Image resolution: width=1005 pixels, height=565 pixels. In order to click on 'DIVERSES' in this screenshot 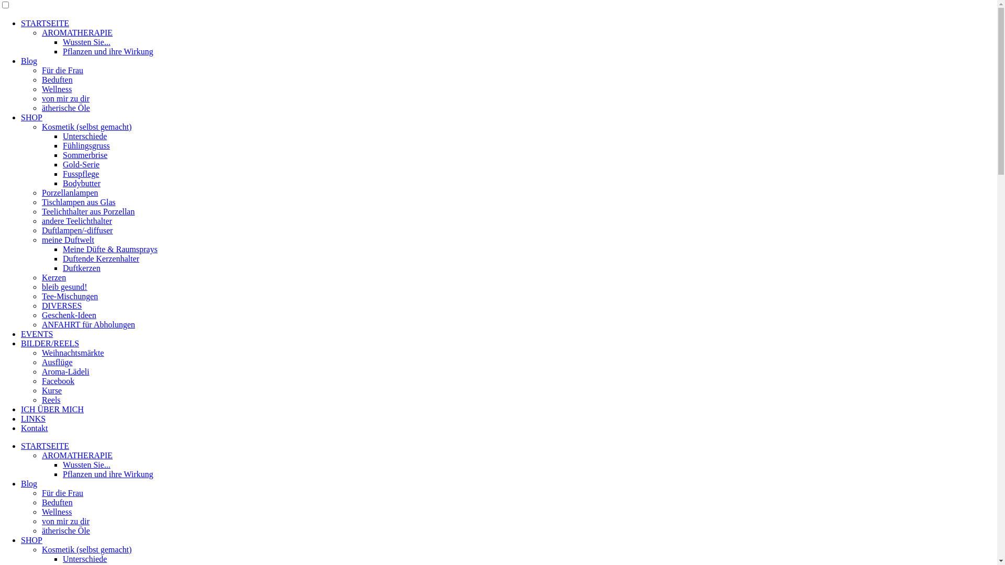, I will do `click(61, 306)`.